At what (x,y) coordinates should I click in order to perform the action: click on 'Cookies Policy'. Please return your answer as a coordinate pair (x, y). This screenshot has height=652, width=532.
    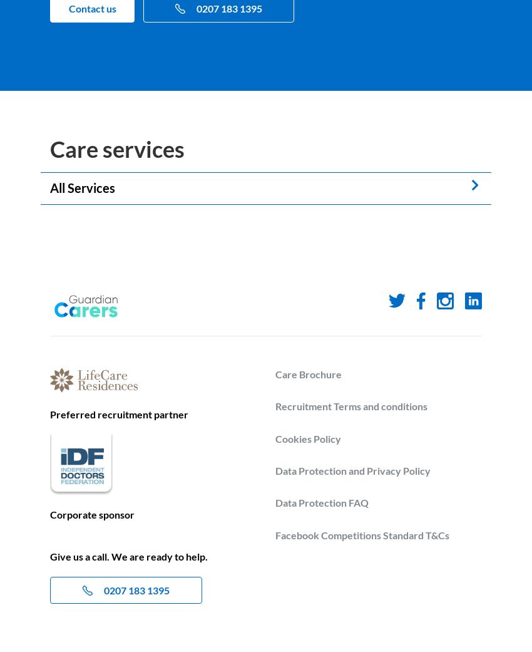
    Looking at the image, I should click on (308, 437).